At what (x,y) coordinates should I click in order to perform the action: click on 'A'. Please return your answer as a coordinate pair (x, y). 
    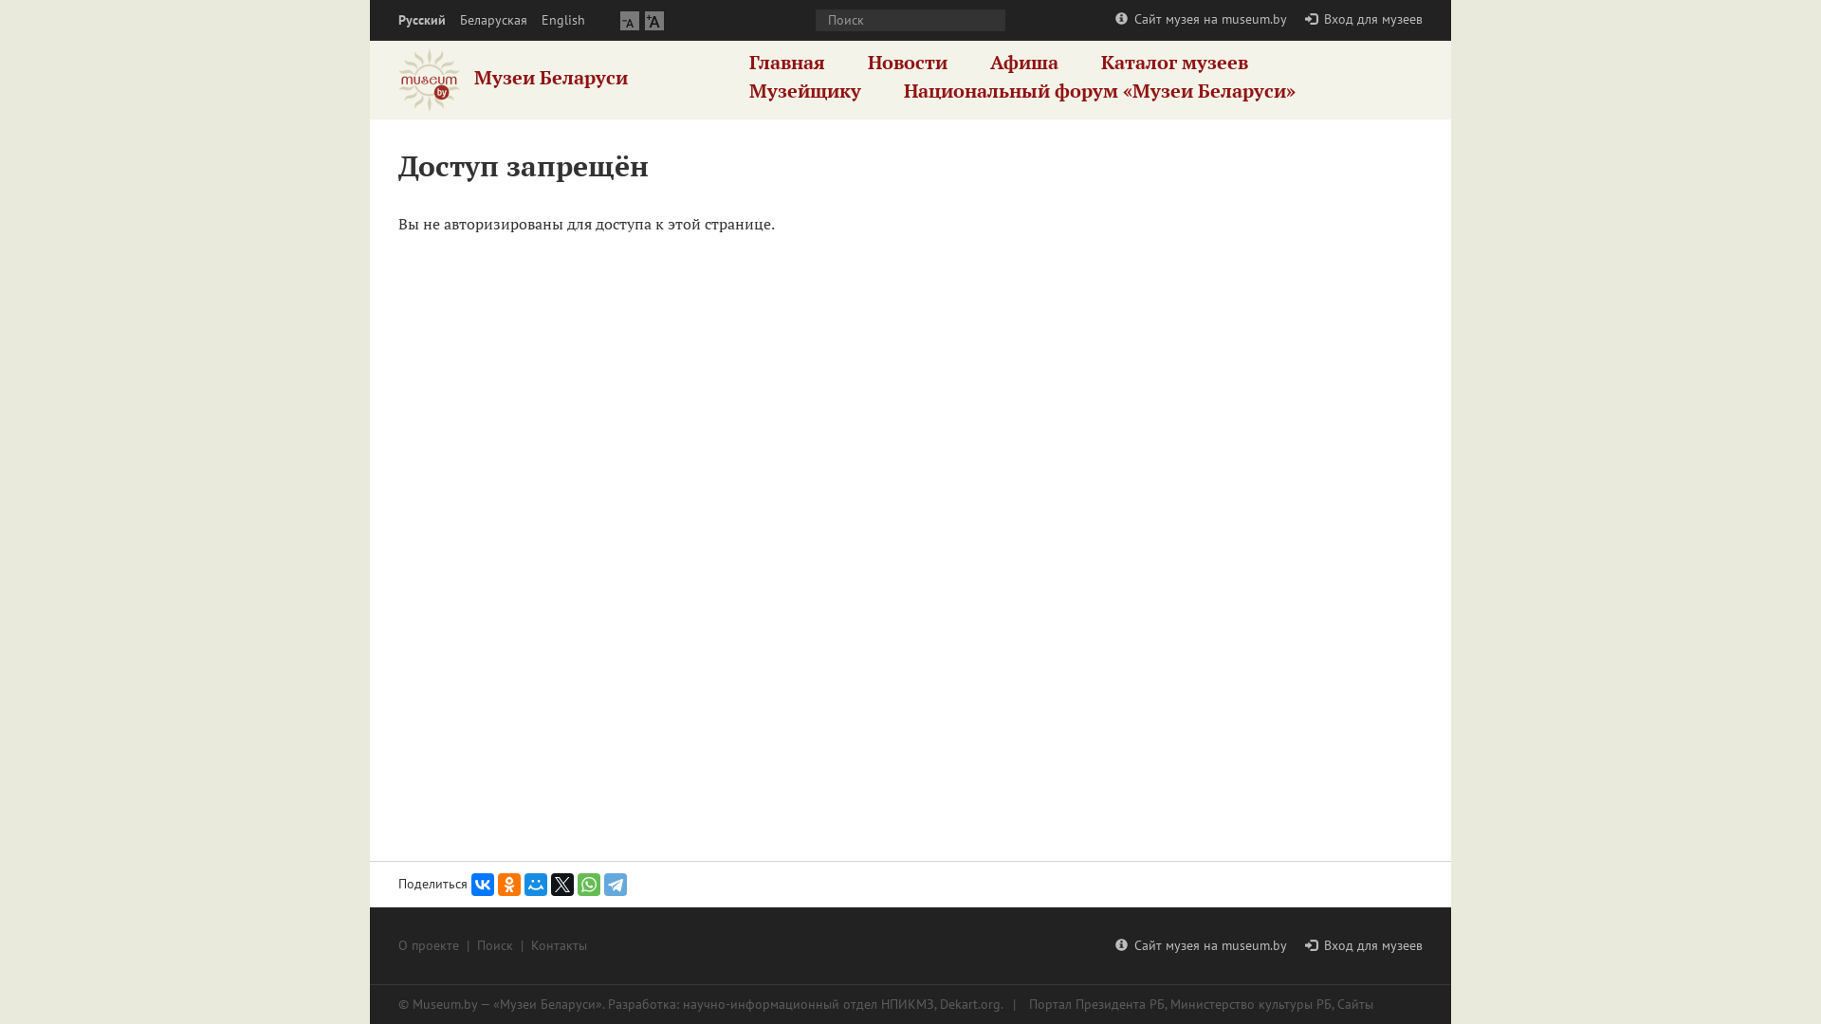
    Looking at the image, I should click on (629, 20).